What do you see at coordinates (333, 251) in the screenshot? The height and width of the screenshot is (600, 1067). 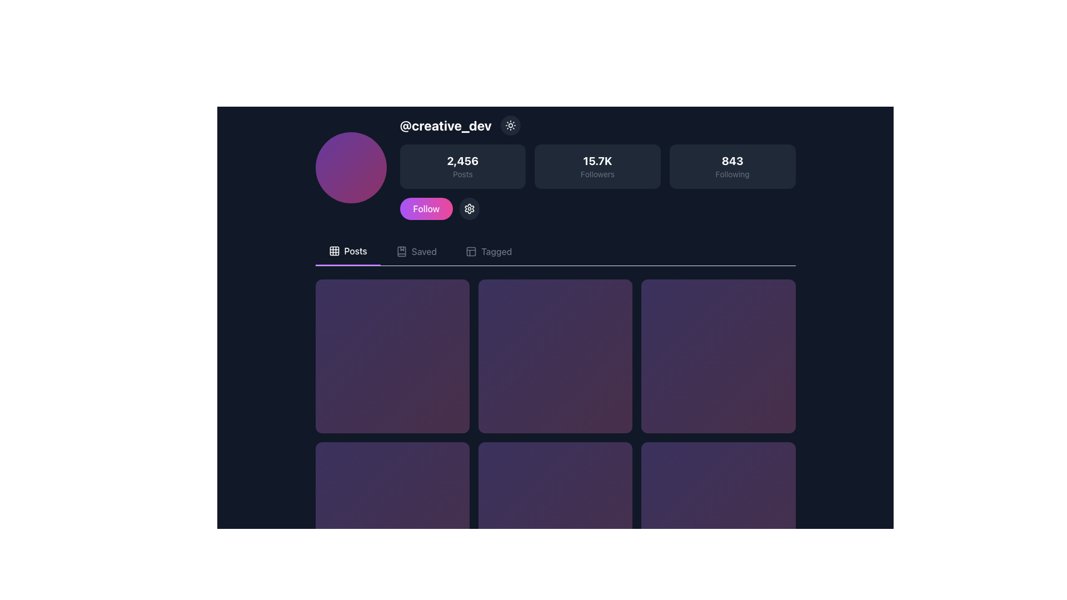 I see `the 3x3 grid icon located to the left of the word 'posts' in the main navigation section` at bounding box center [333, 251].